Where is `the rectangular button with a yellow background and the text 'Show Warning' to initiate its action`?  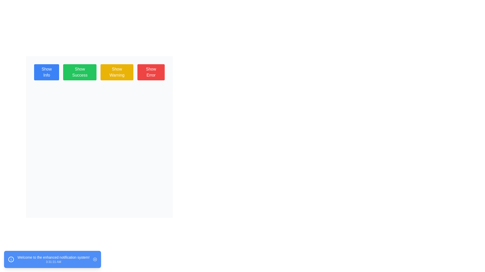 the rectangular button with a yellow background and the text 'Show Warning' to initiate its action is located at coordinates (117, 72).